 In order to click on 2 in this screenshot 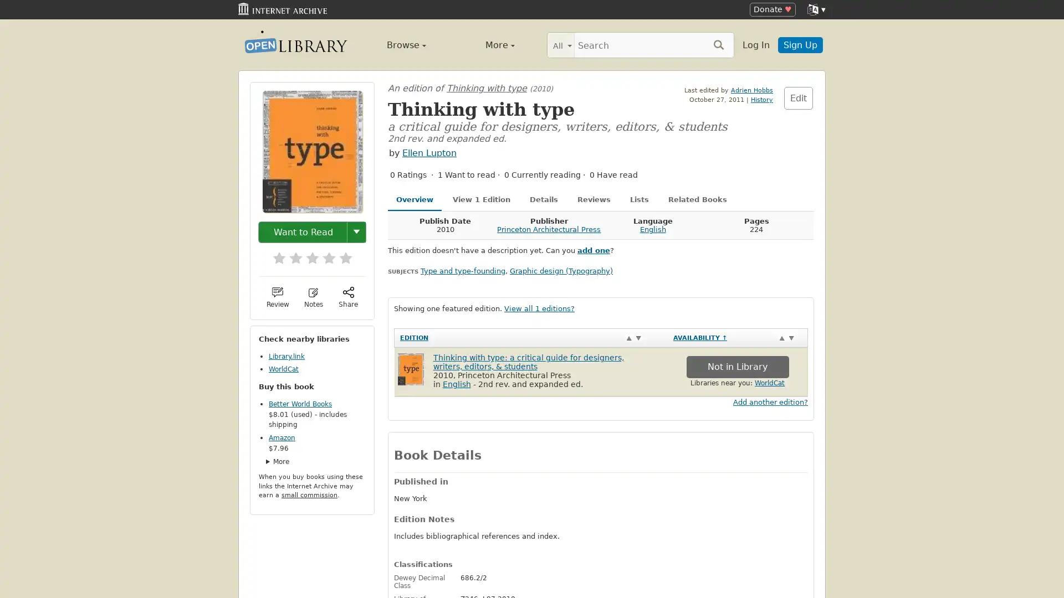, I will do `click(290, 254)`.